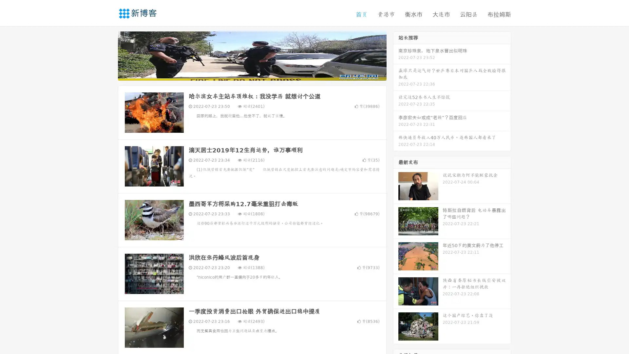 This screenshot has height=354, width=629. What do you see at coordinates (245, 74) in the screenshot?
I see `Go to slide 1` at bounding box center [245, 74].